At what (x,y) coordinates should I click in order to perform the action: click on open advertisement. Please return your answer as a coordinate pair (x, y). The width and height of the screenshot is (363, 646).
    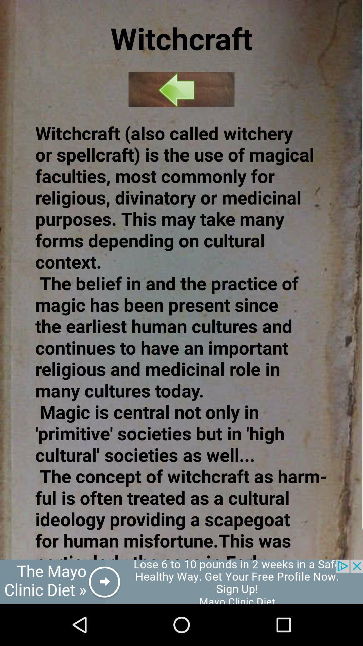
    Looking at the image, I should click on (182, 581).